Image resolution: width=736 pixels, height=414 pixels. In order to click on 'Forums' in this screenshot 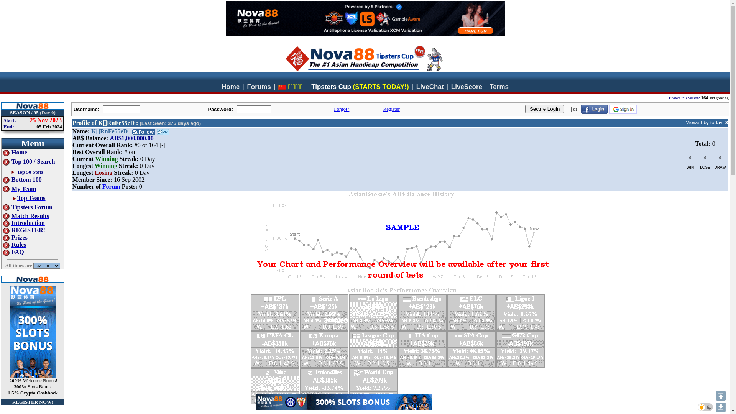, I will do `click(259, 86)`.